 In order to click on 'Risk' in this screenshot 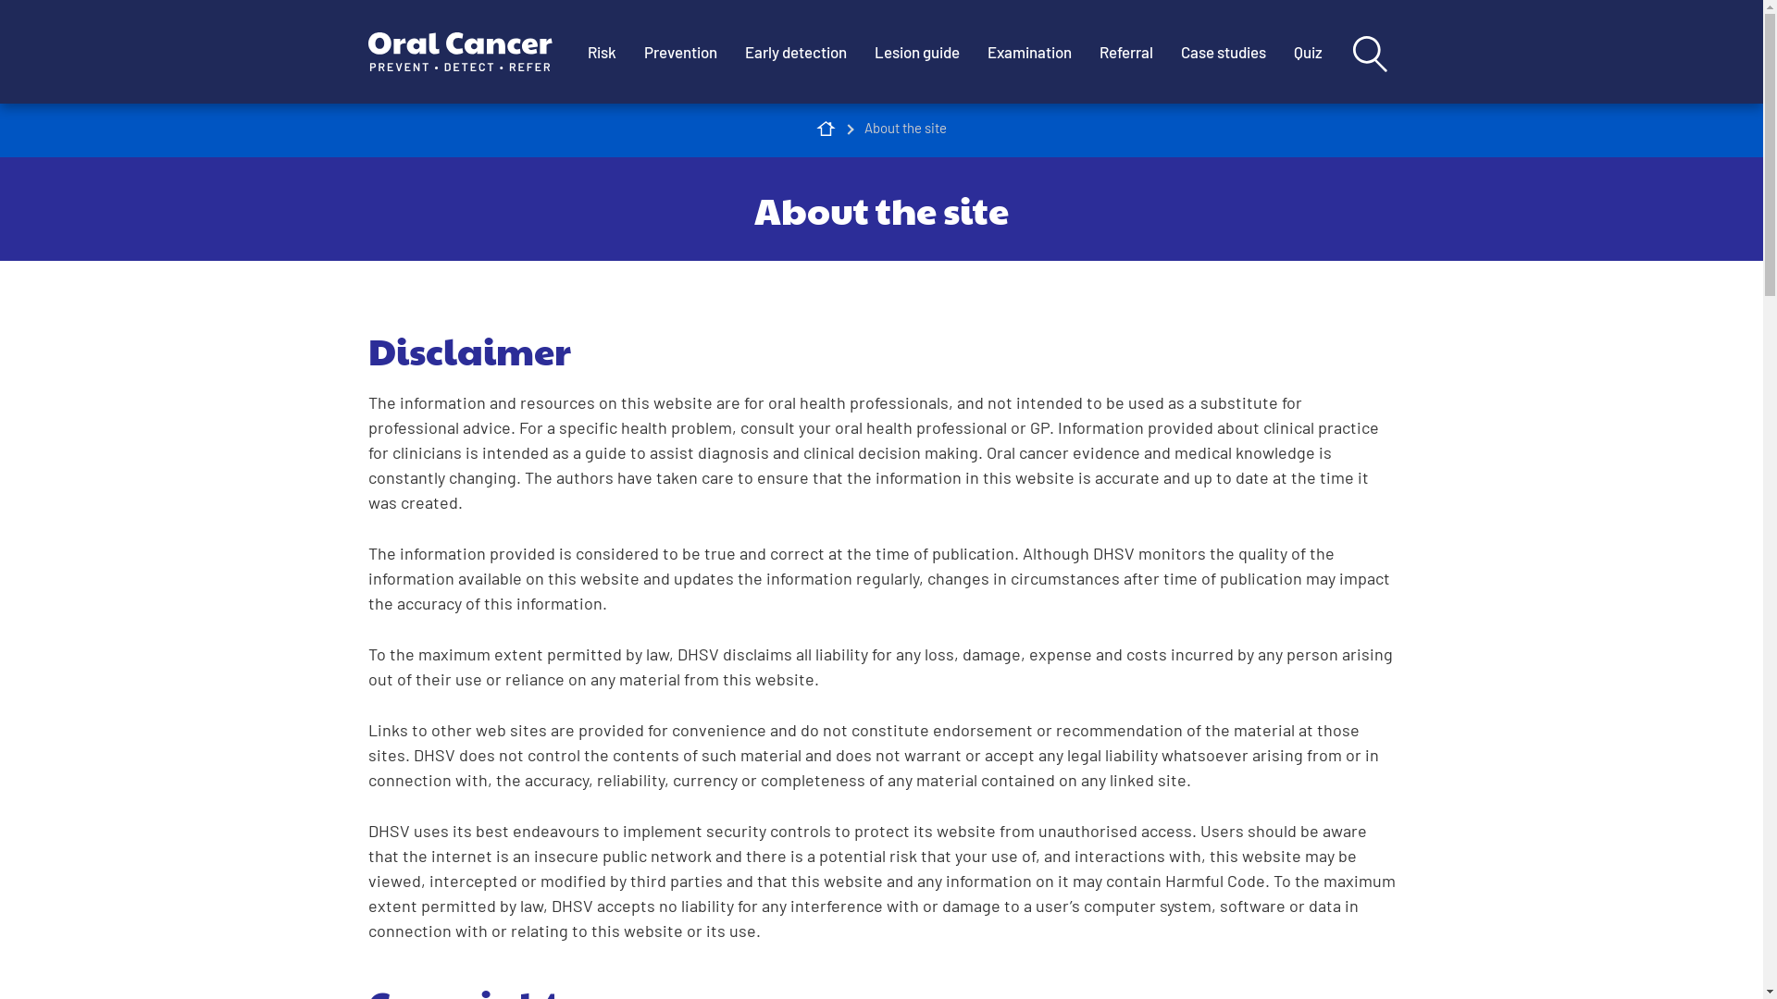, I will do `click(602, 51)`.